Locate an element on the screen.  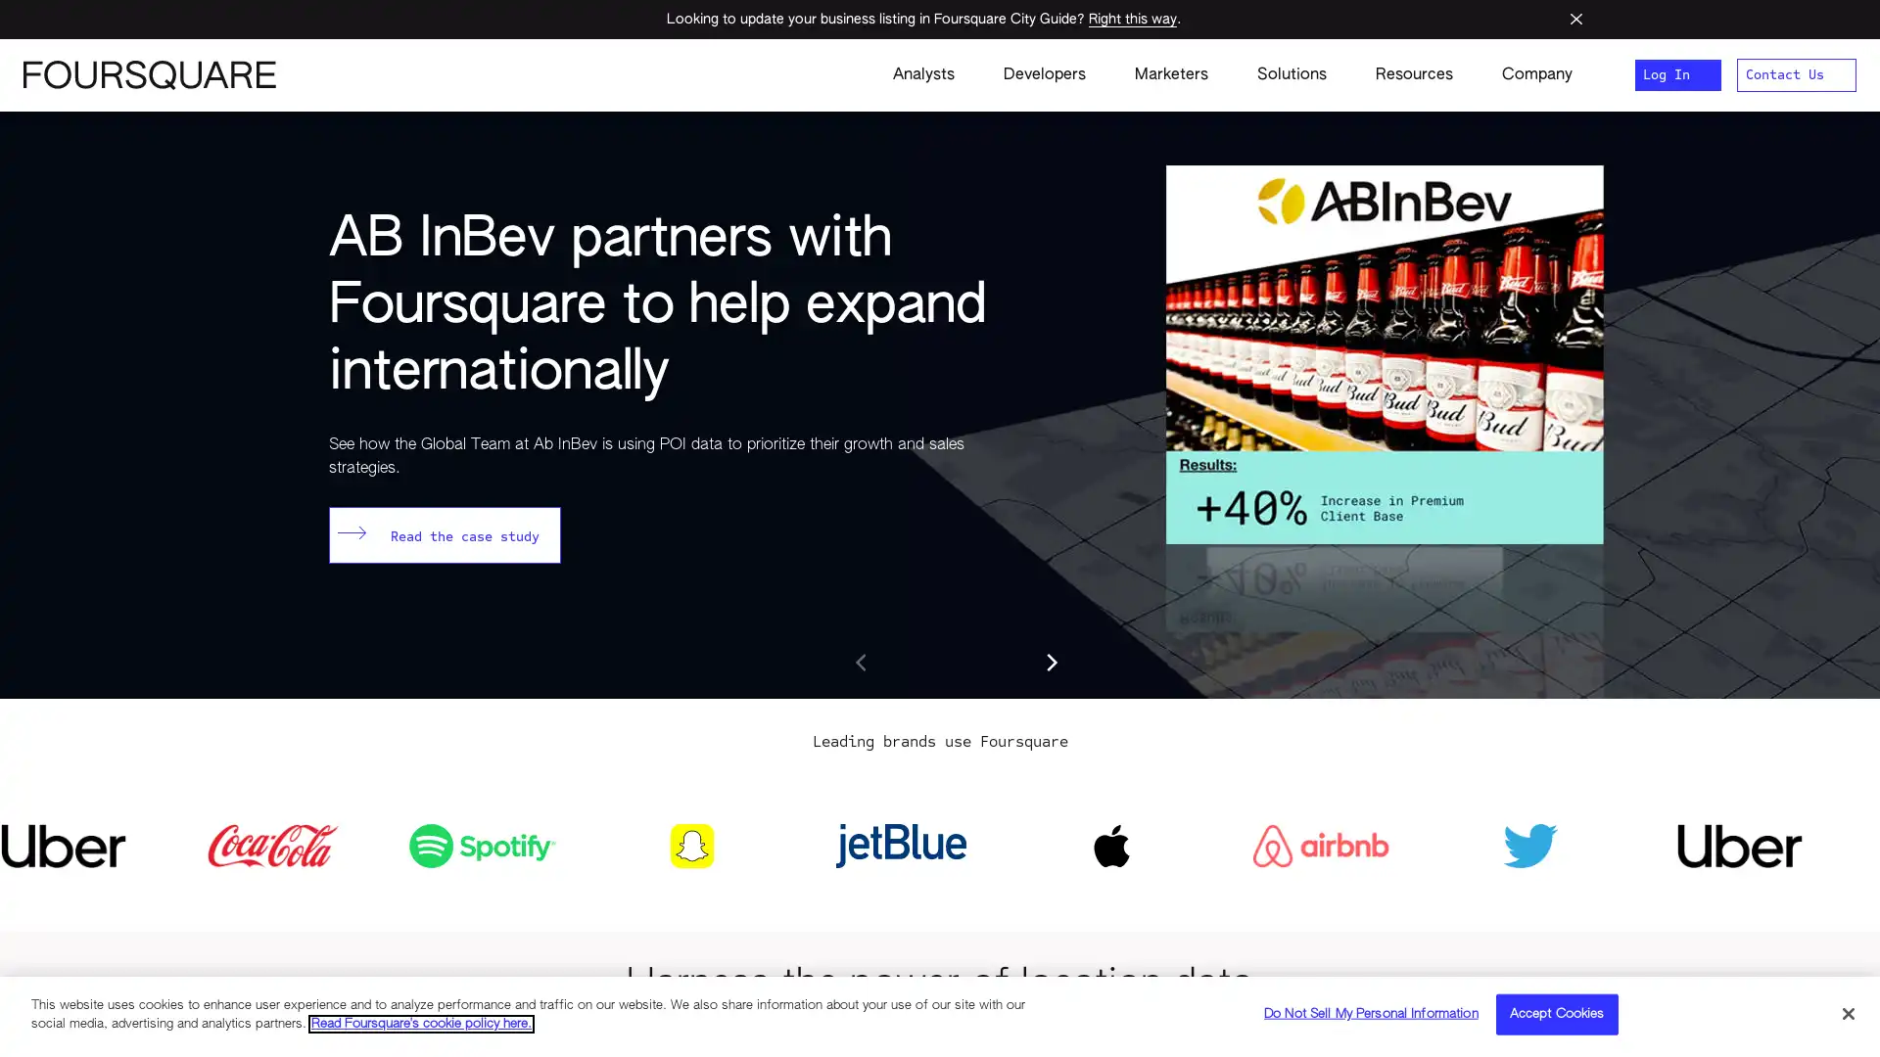
Close is located at coordinates (1847, 1012).